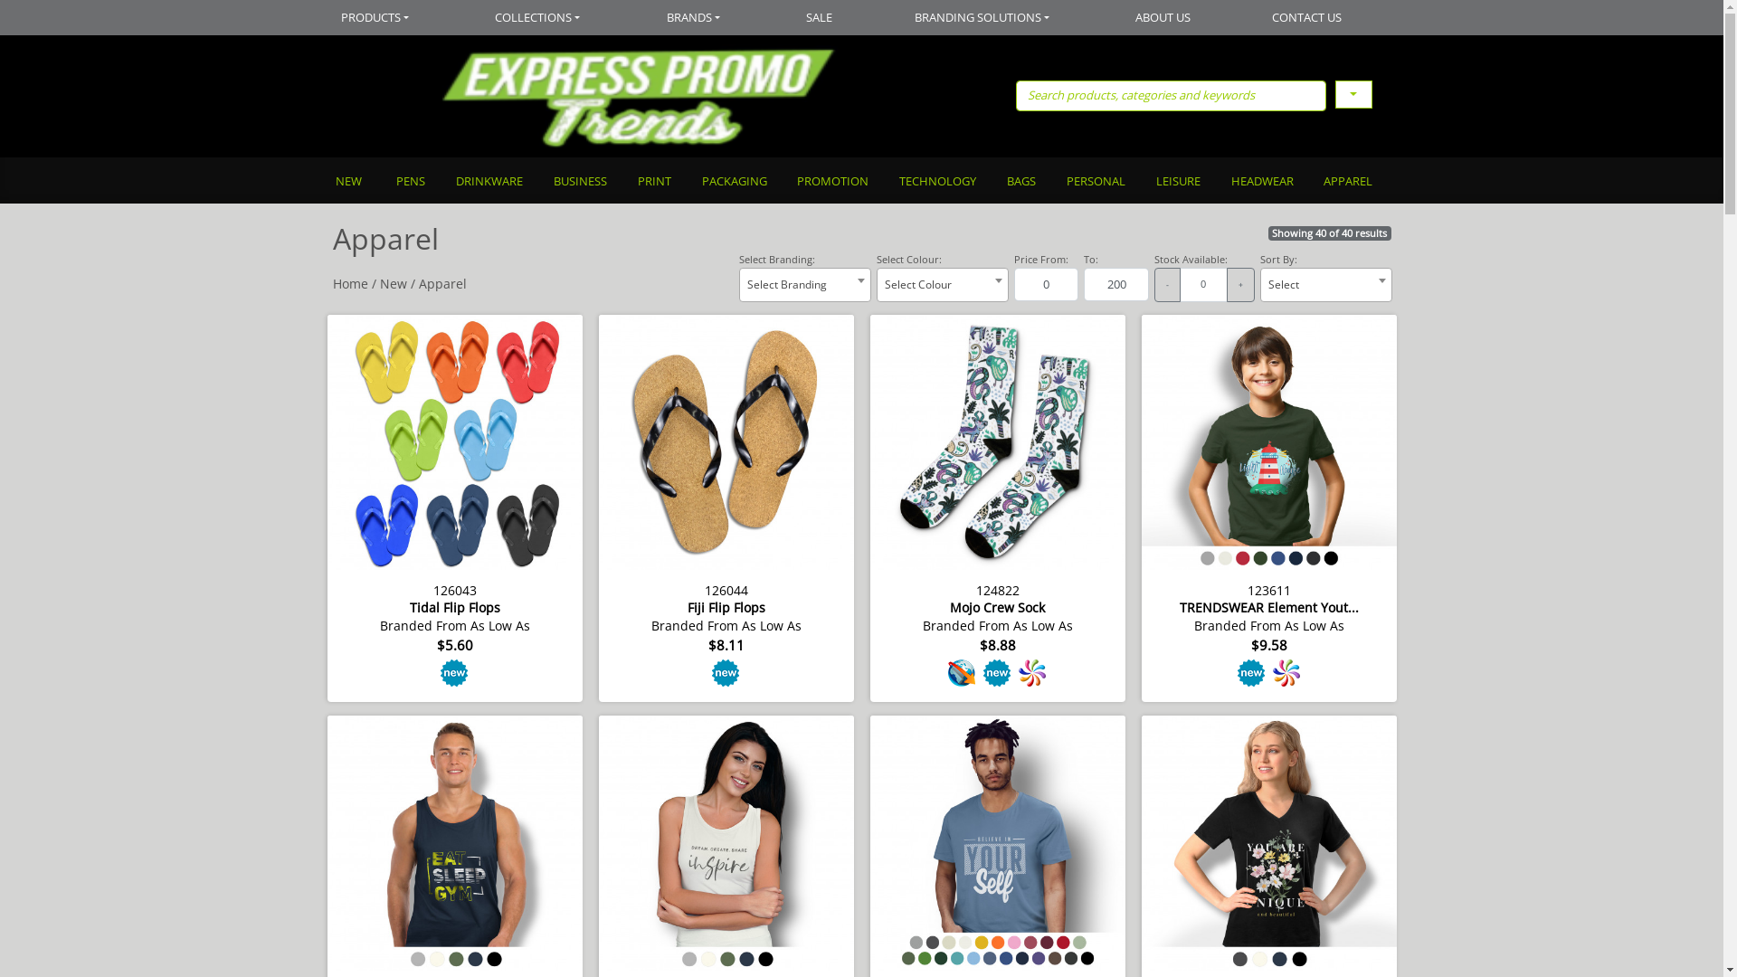 This screenshot has width=1737, height=977. What do you see at coordinates (831, 182) in the screenshot?
I see `'PROMOTION'` at bounding box center [831, 182].